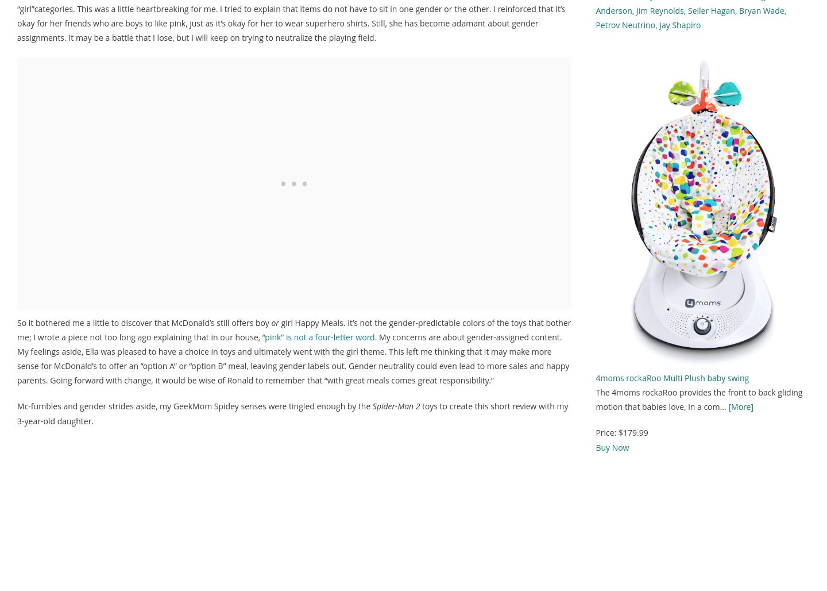  What do you see at coordinates (194, 406) in the screenshot?
I see `'Mc-fumbles and gender strides aside, my GeekMom Spidey senses were tingled enough by the'` at bounding box center [194, 406].